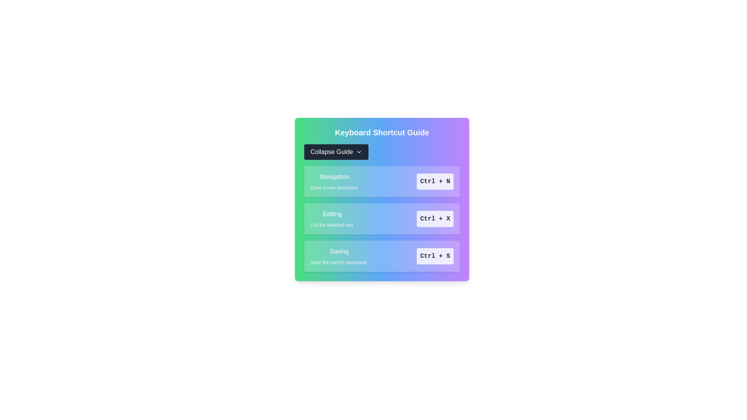 The height and width of the screenshot is (420, 747). I want to click on the Informational panel section titled 'Navigation' which indicates the shortcut function 'Open a new document' and displays 'Ctrl + N', so click(382, 181).